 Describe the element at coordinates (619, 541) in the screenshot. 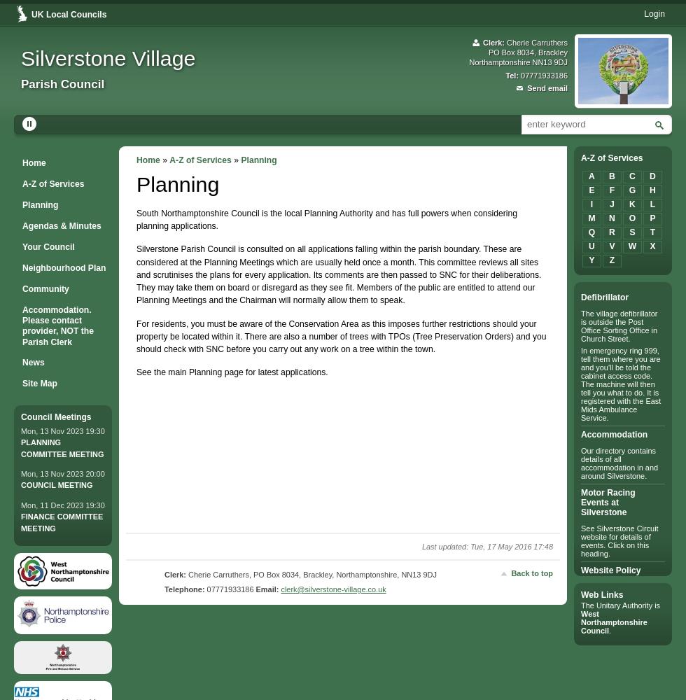

I see `'See Silverstone Circuit website for details of events. Click on this heading.'` at that location.